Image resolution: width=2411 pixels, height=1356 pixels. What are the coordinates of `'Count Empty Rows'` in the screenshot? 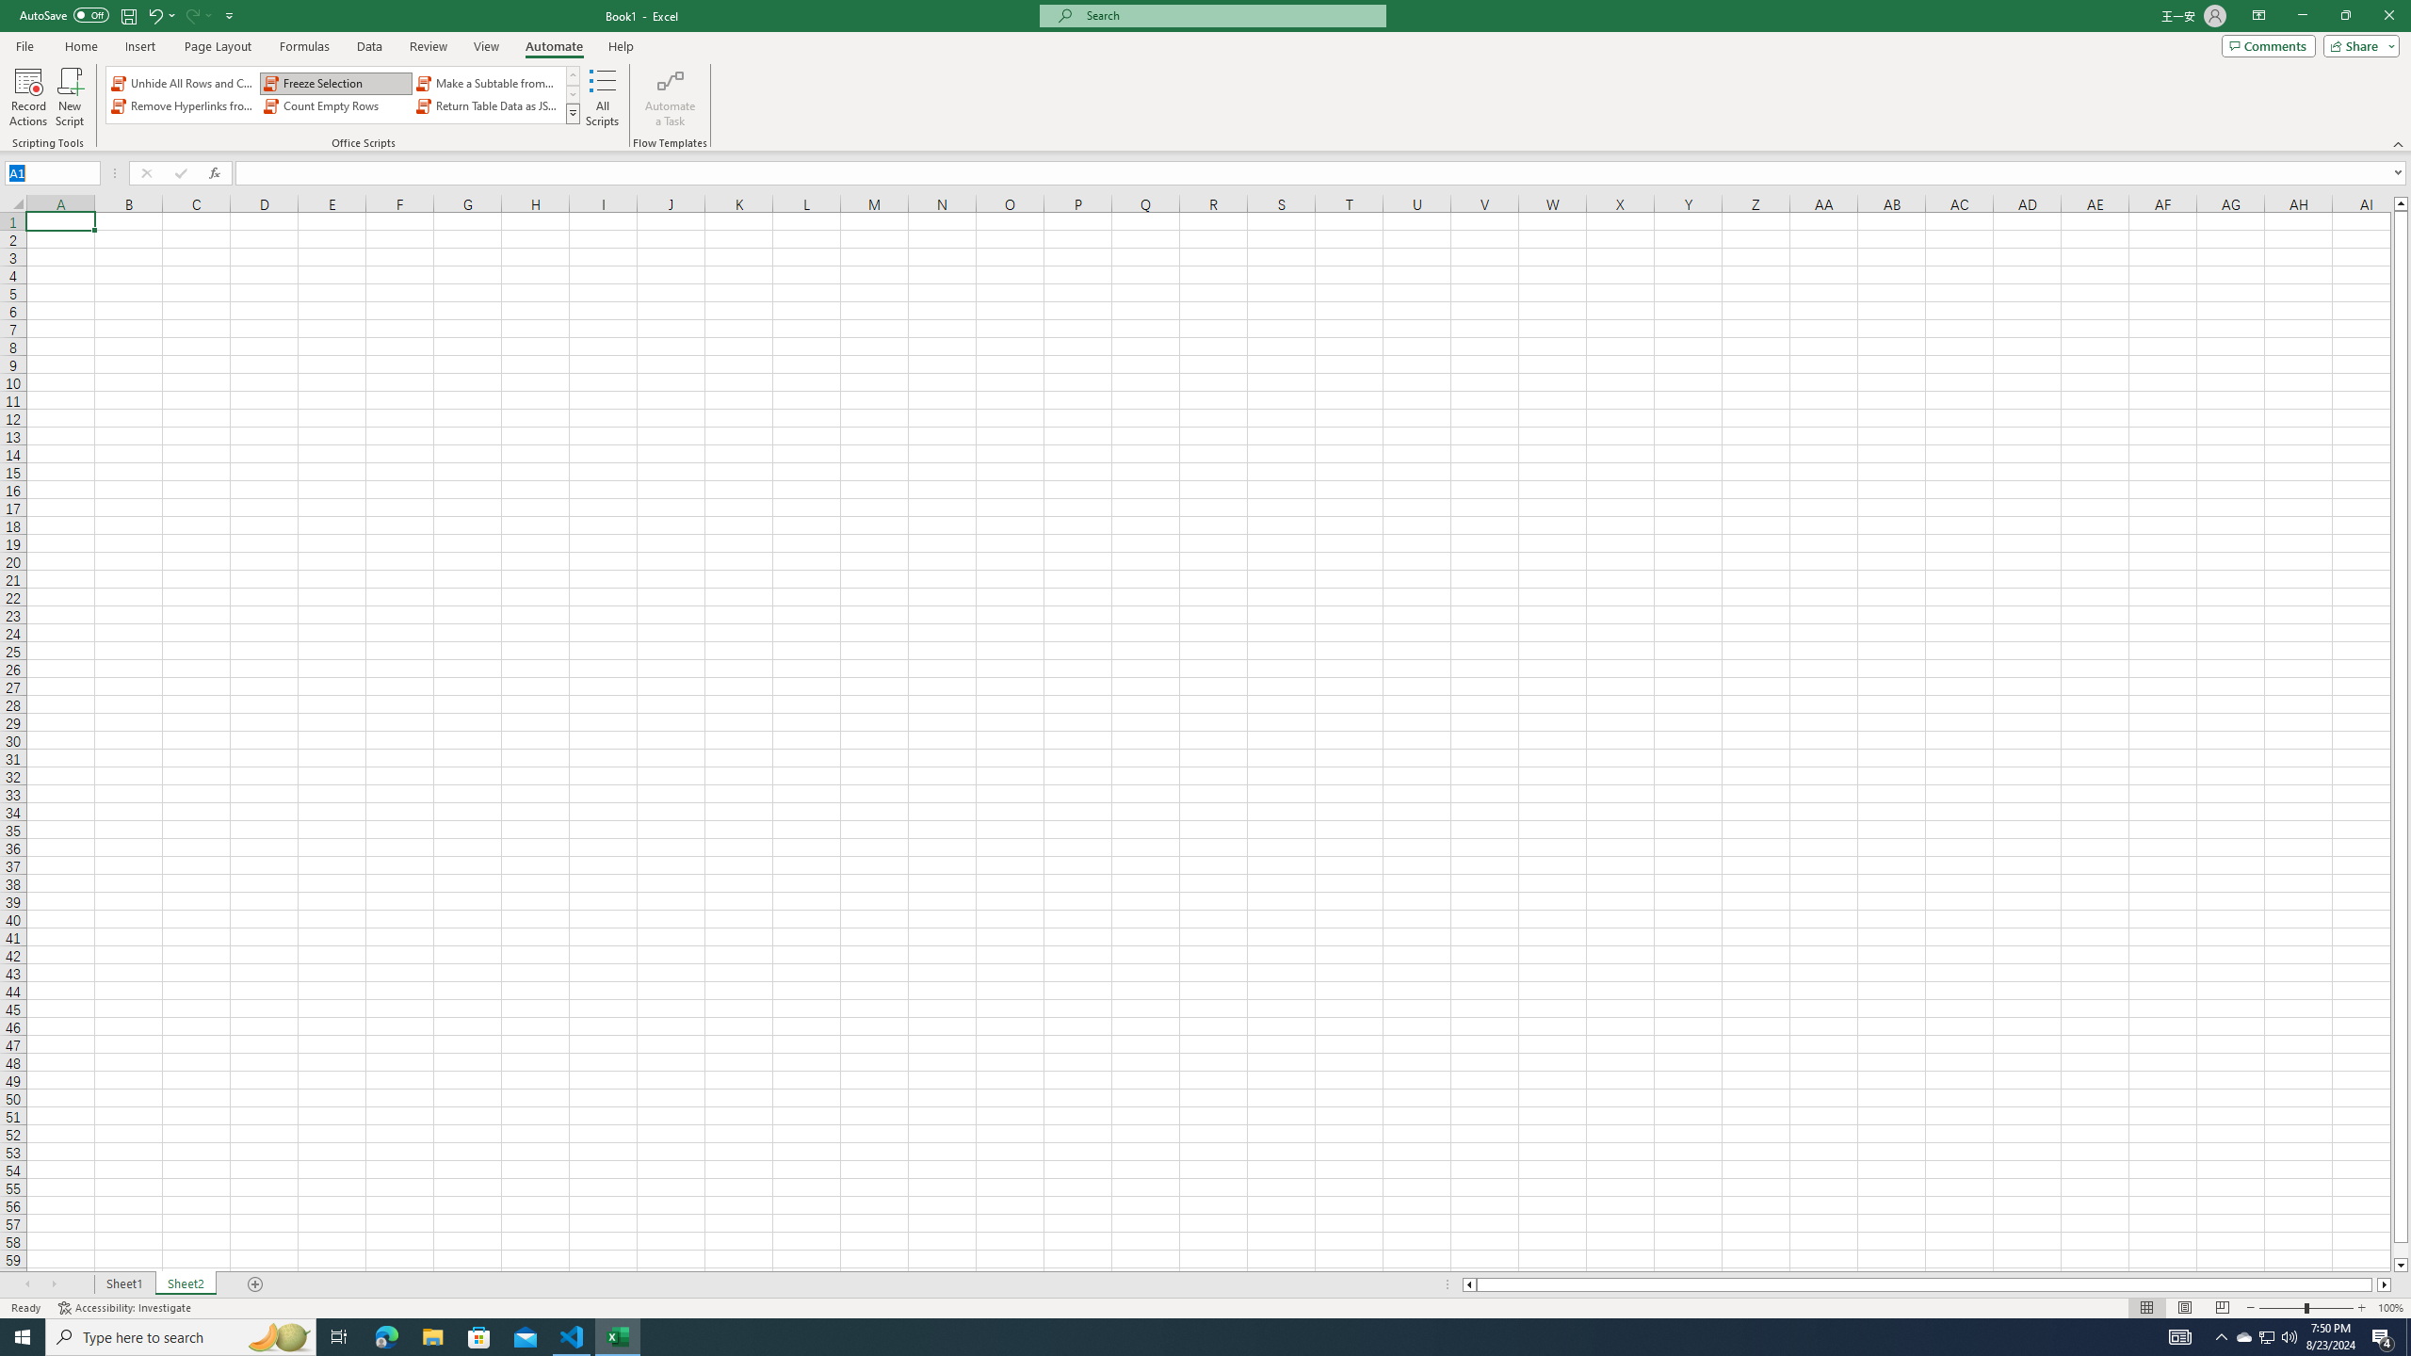 It's located at (335, 105).